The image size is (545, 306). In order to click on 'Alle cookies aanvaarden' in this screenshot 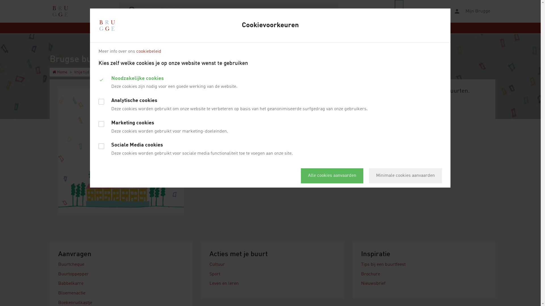, I will do `click(332, 175)`.